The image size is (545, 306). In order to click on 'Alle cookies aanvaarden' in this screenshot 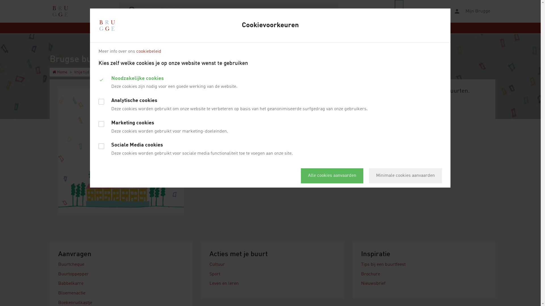, I will do `click(332, 175)`.